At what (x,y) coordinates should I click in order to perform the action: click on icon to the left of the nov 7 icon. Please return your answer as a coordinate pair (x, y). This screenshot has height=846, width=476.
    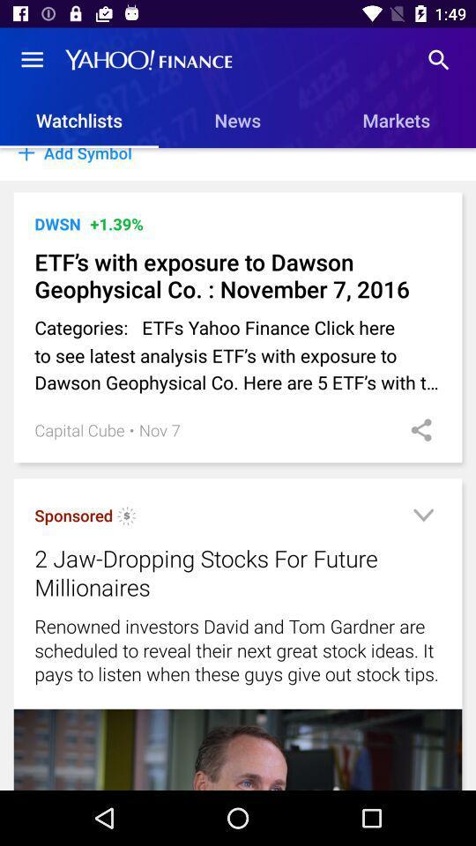
    Looking at the image, I should click on (130, 429).